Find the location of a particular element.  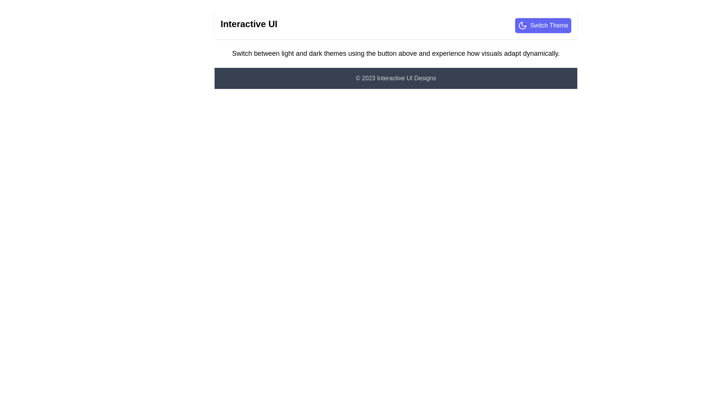

the theme toggle button located in the top-right section of the interface to switch between light and dark modes is located at coordinates (543, 25).